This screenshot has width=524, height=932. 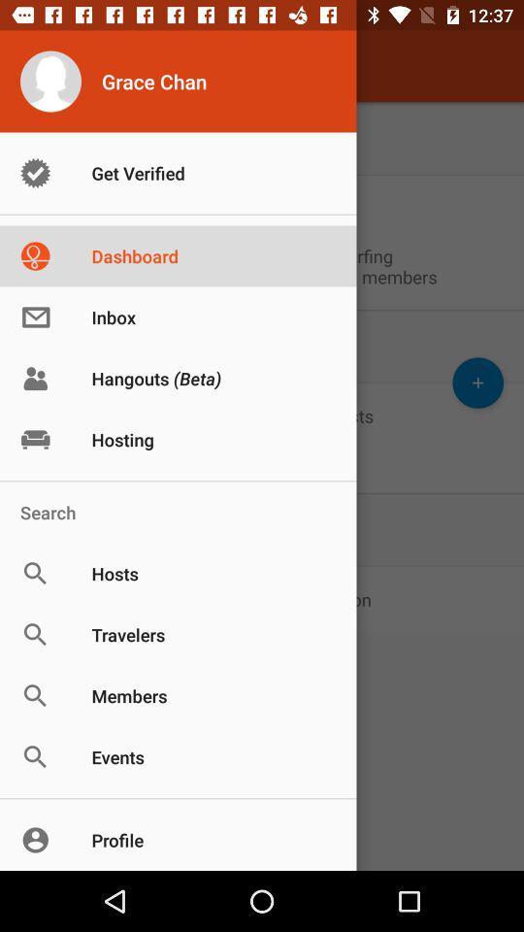 I want to click on the add icon, so click(x=476, y=382).